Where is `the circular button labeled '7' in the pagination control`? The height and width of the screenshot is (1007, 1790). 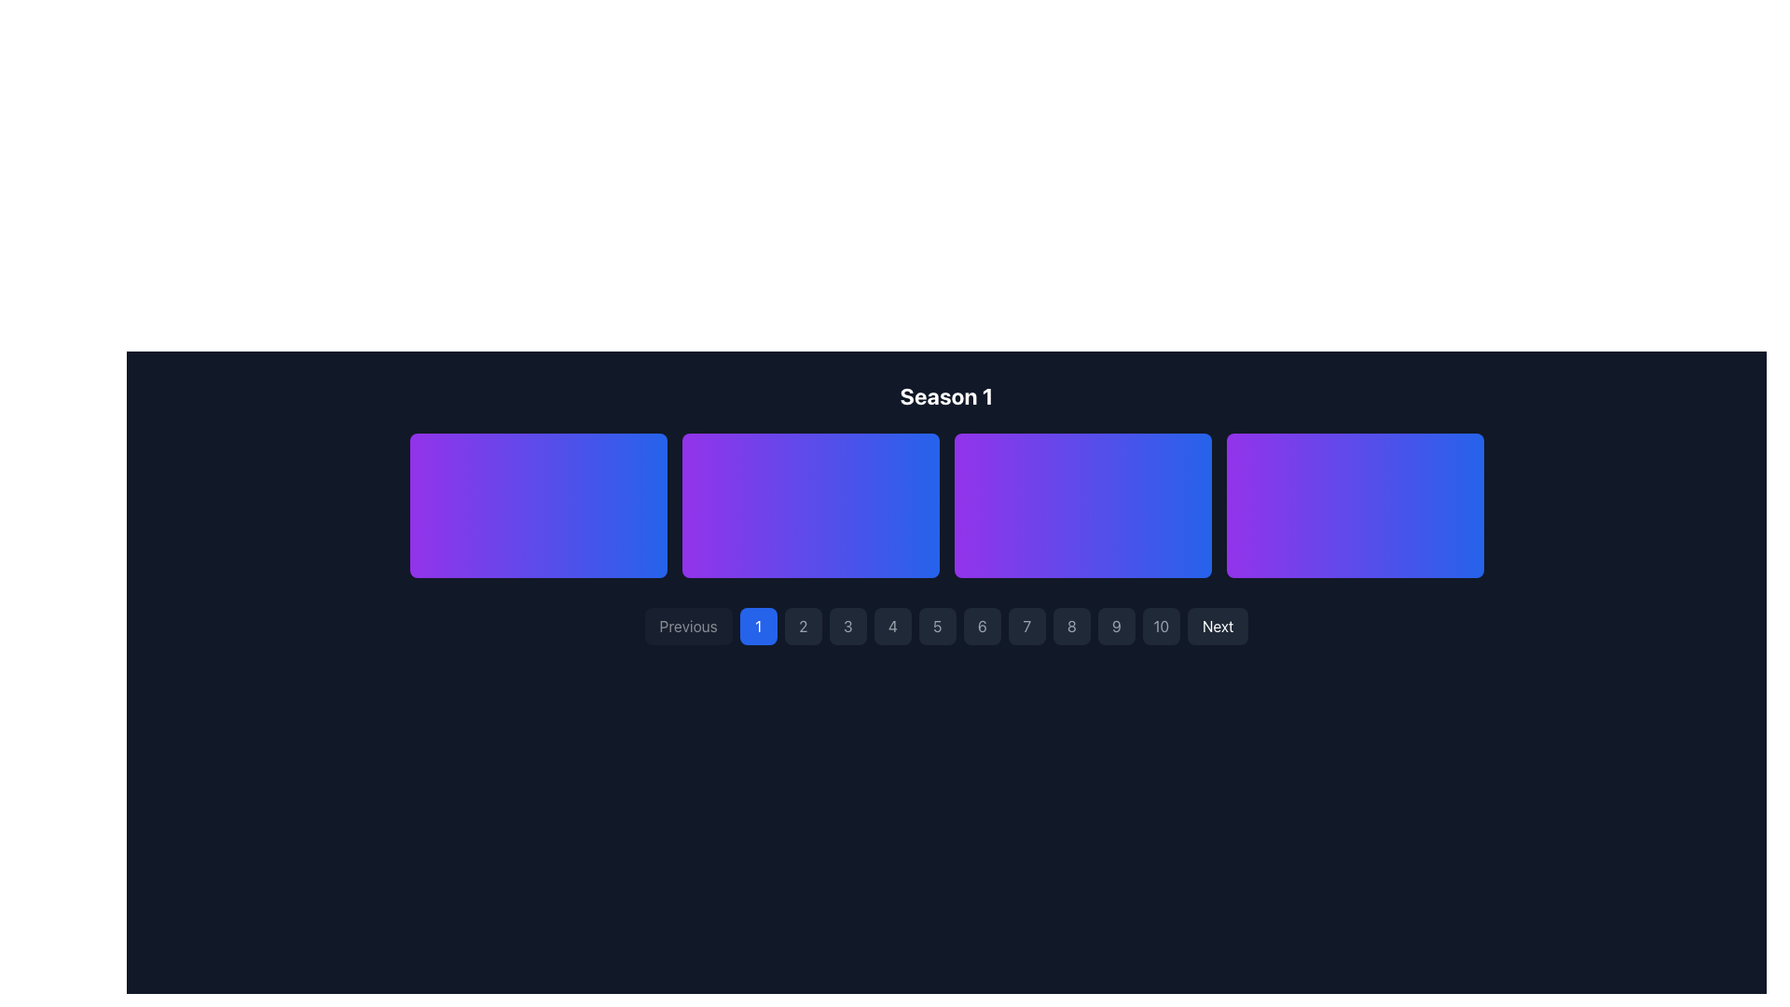
the circular button labeled '7' in the pagination control is located at coordinates (1026, 627).